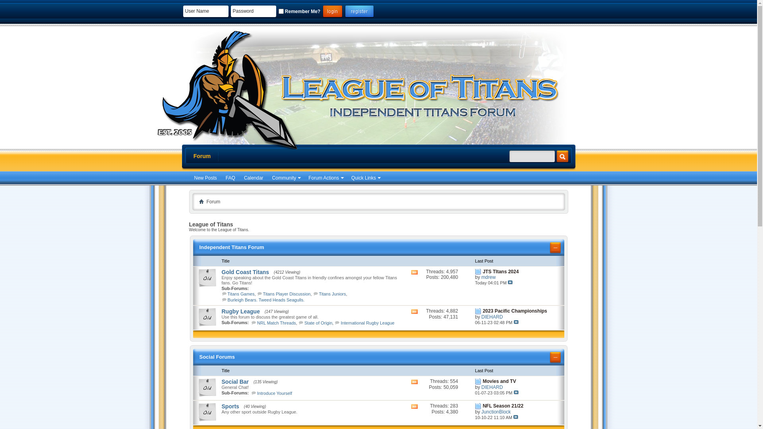 The width and height of the screenshot is (763, 429). Describe the element at coordinates (488, 277) in the screenshot. I see `'mdrew'` at that location.